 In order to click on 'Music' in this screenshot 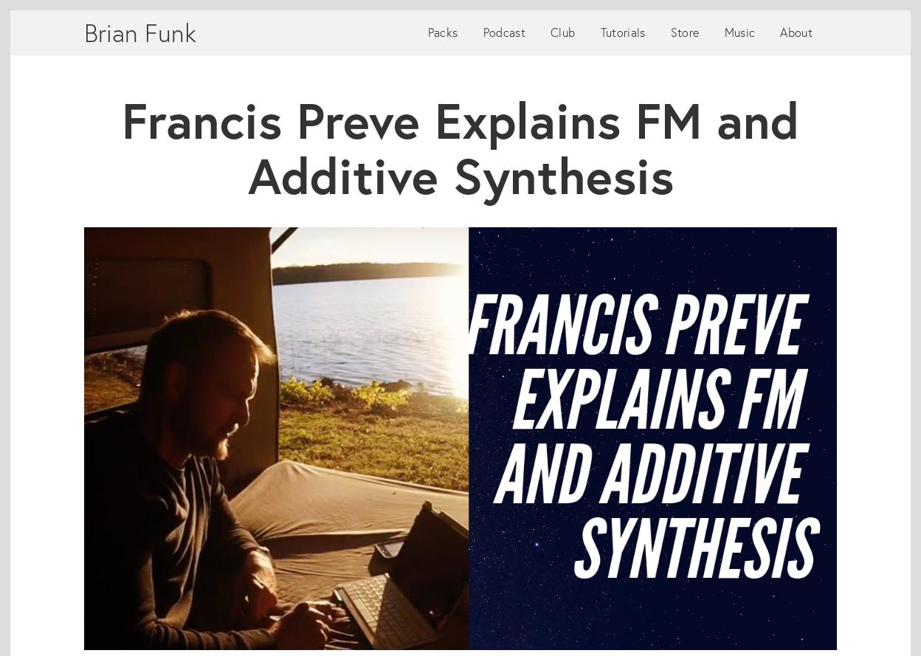, I will do `click(739, 32)`.